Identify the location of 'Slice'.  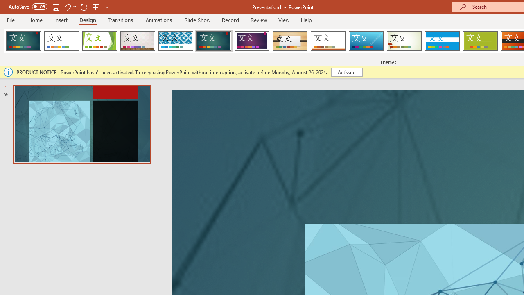
(366, 41).